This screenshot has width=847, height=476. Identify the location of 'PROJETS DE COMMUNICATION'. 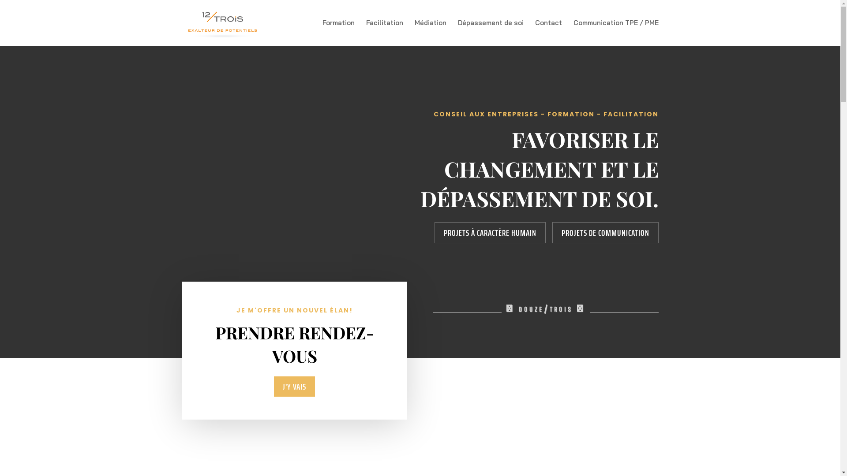
(605, 232).